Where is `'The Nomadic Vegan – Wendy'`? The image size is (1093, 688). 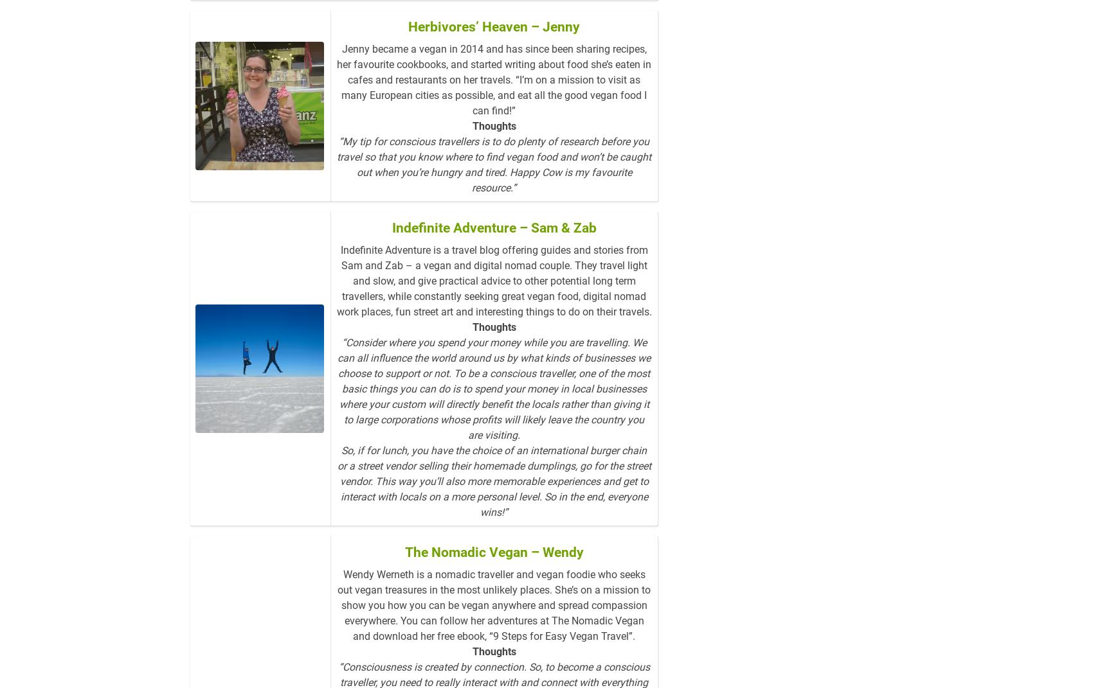
'The Nomadic Vegan – Wendy' is located at coordinates (493, 572).